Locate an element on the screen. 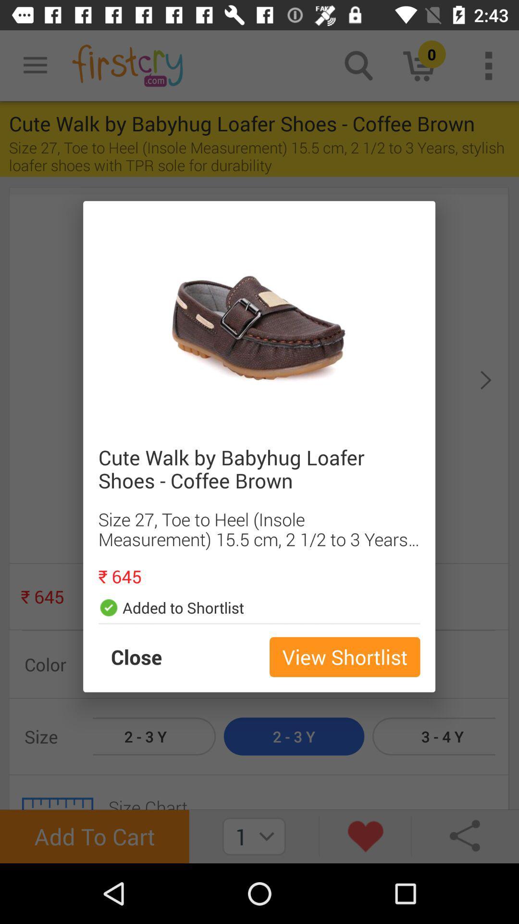 Image resolution: width=519 pixels, height=924 pixels. icon next to the close icon is located at coordinates (344, 656).